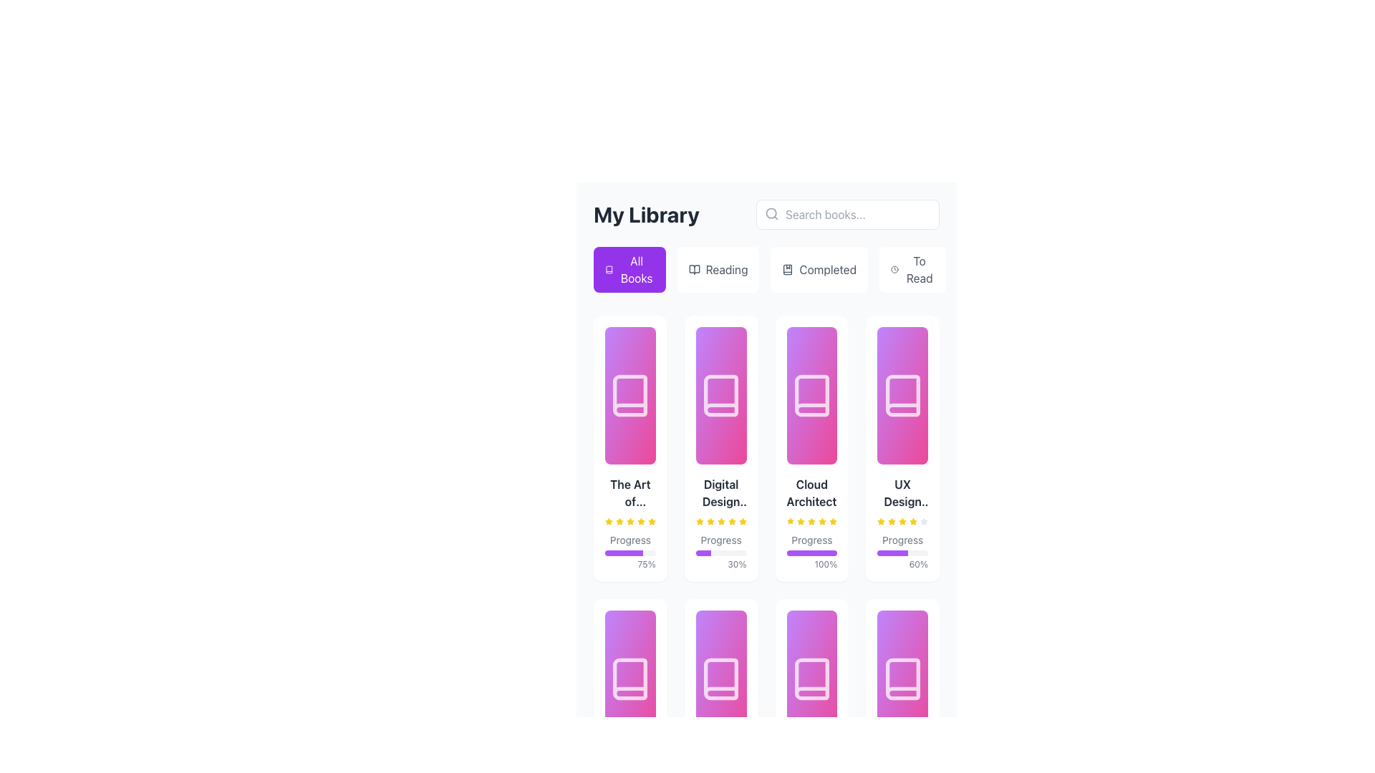  I want to click on the third star icon representing the rating in the UX Design card's rating area, so click(902, 521).